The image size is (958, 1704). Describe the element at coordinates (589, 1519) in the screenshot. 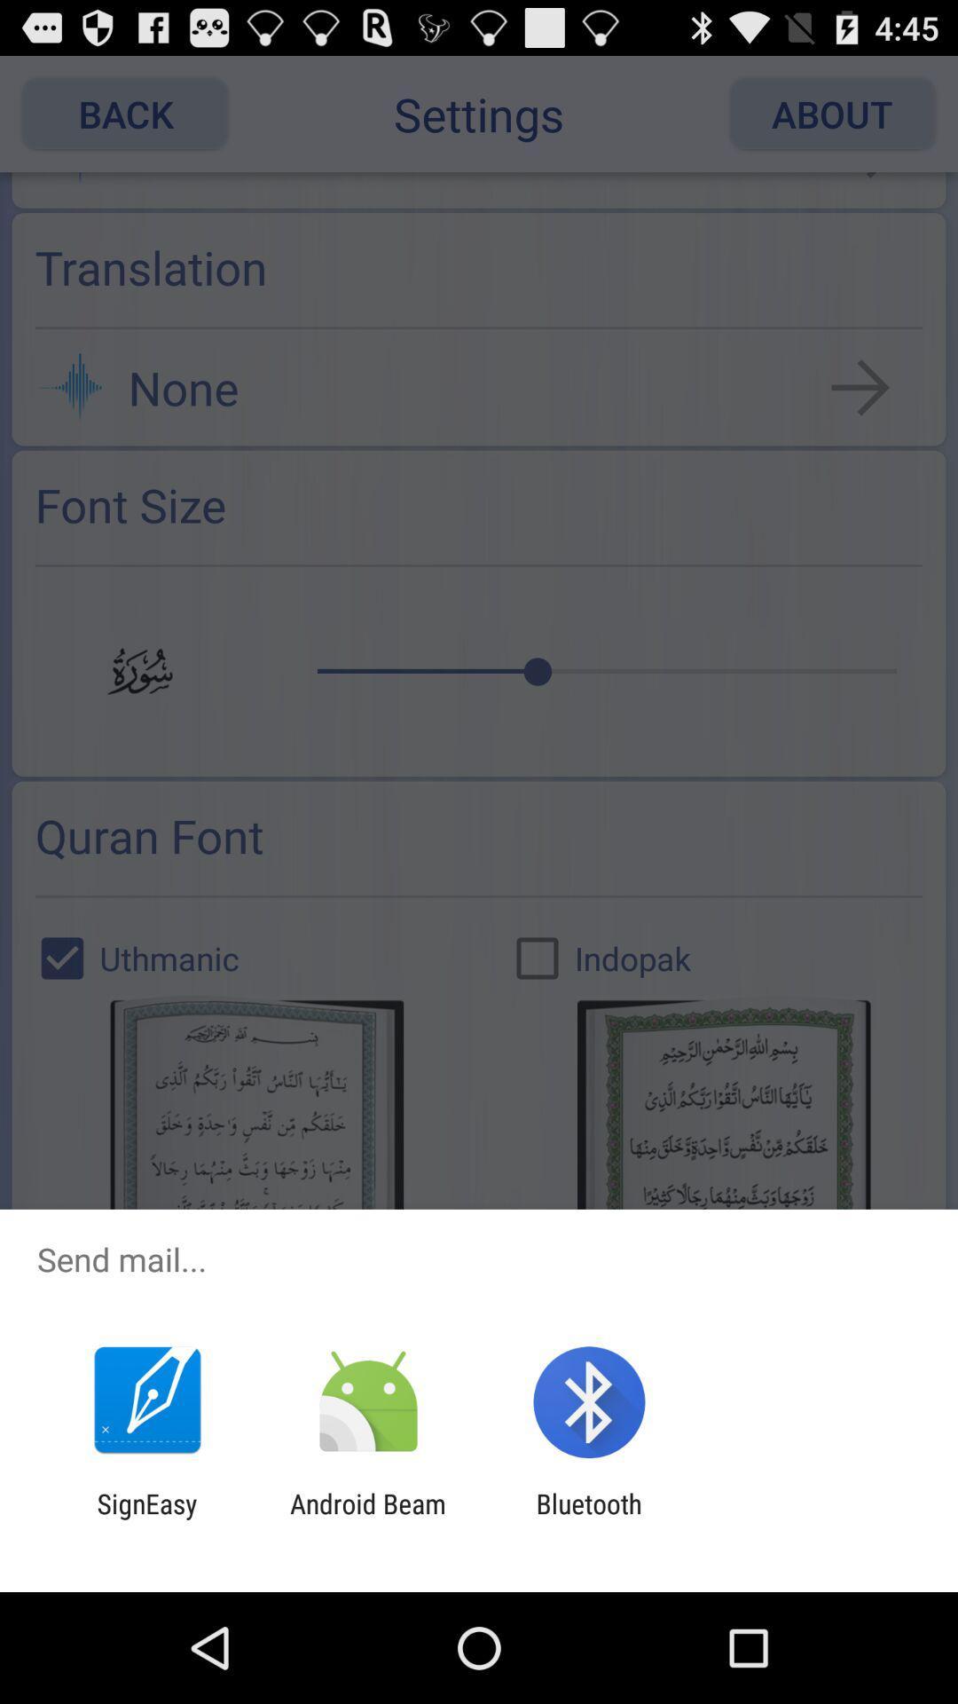

I see `the bluetooth` at that location.